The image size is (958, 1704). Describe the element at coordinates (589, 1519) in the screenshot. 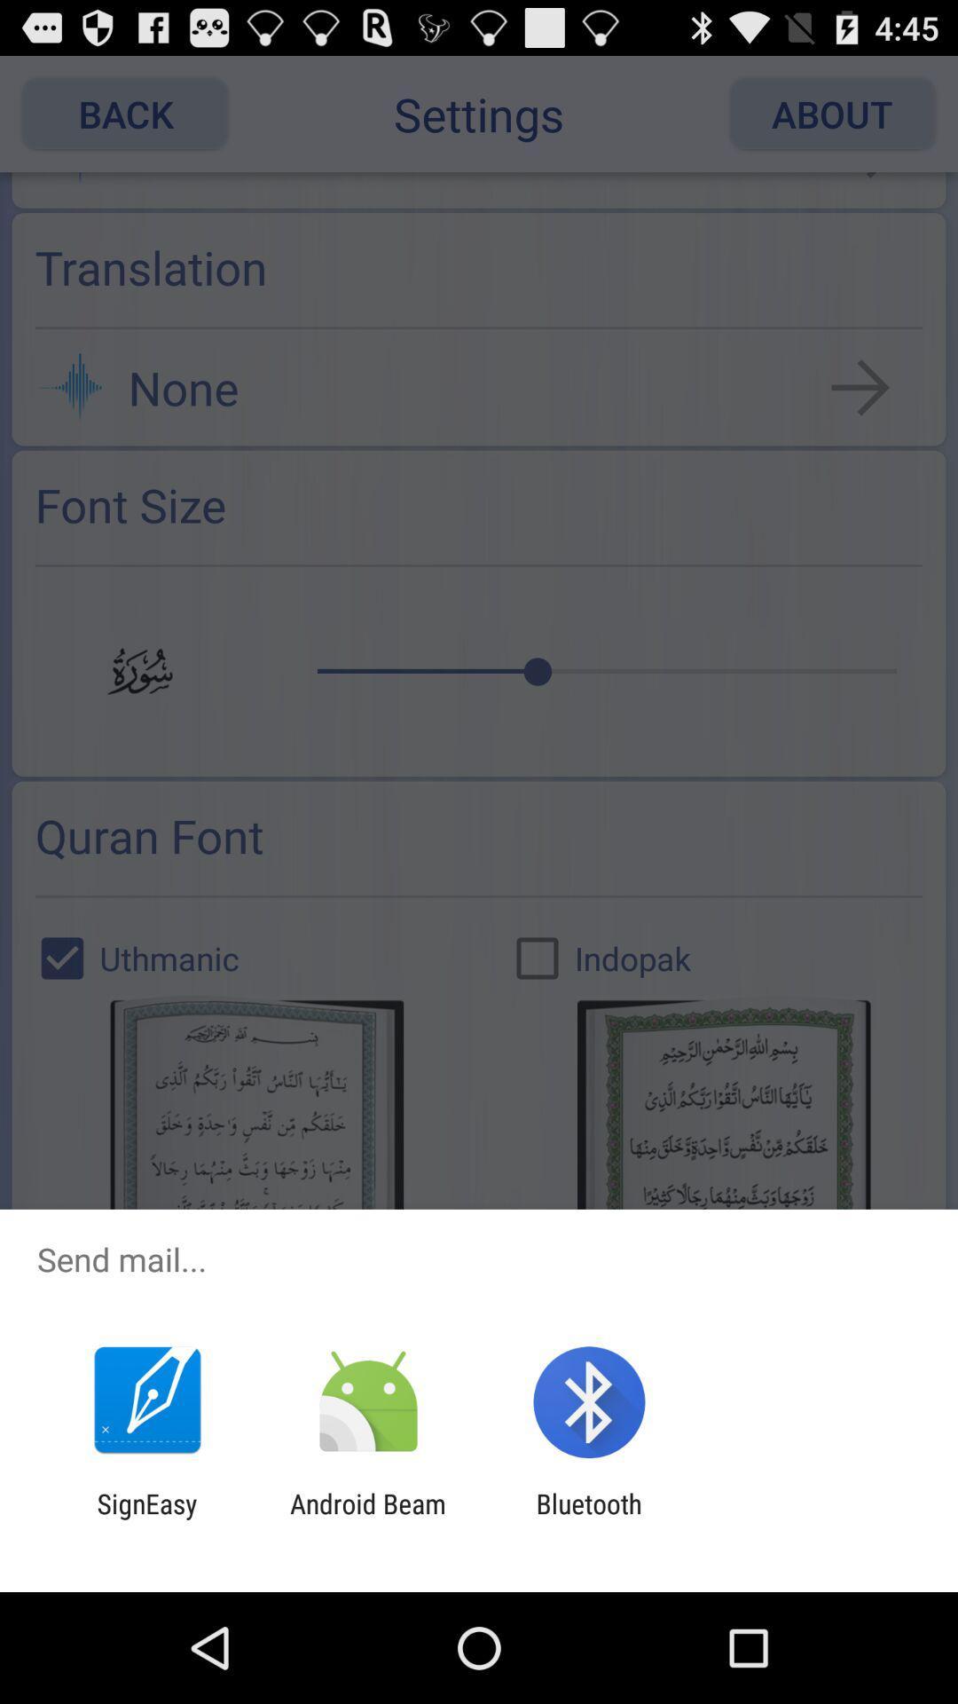

I see `the bluetooth` at that location.